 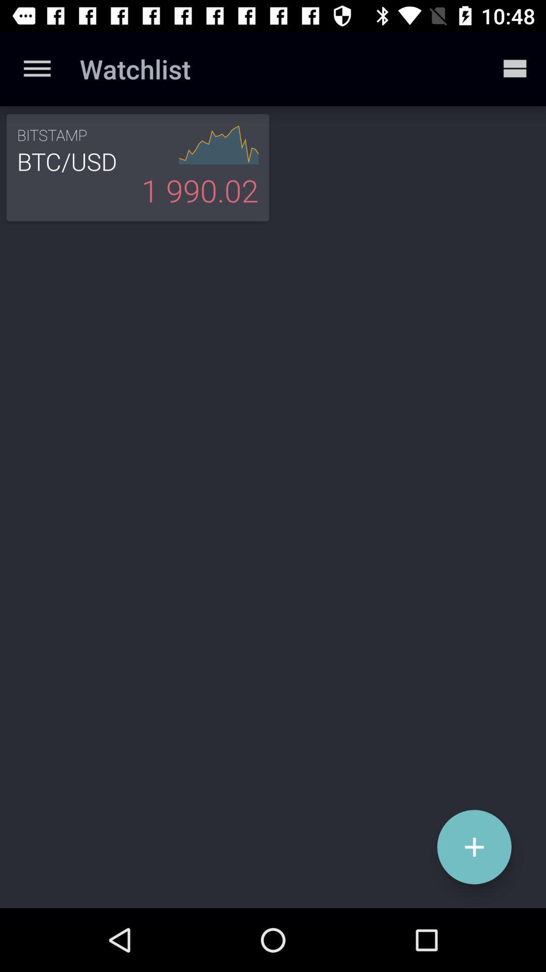 I want to click on item next to the watchlist, so click(x=514, y=68).